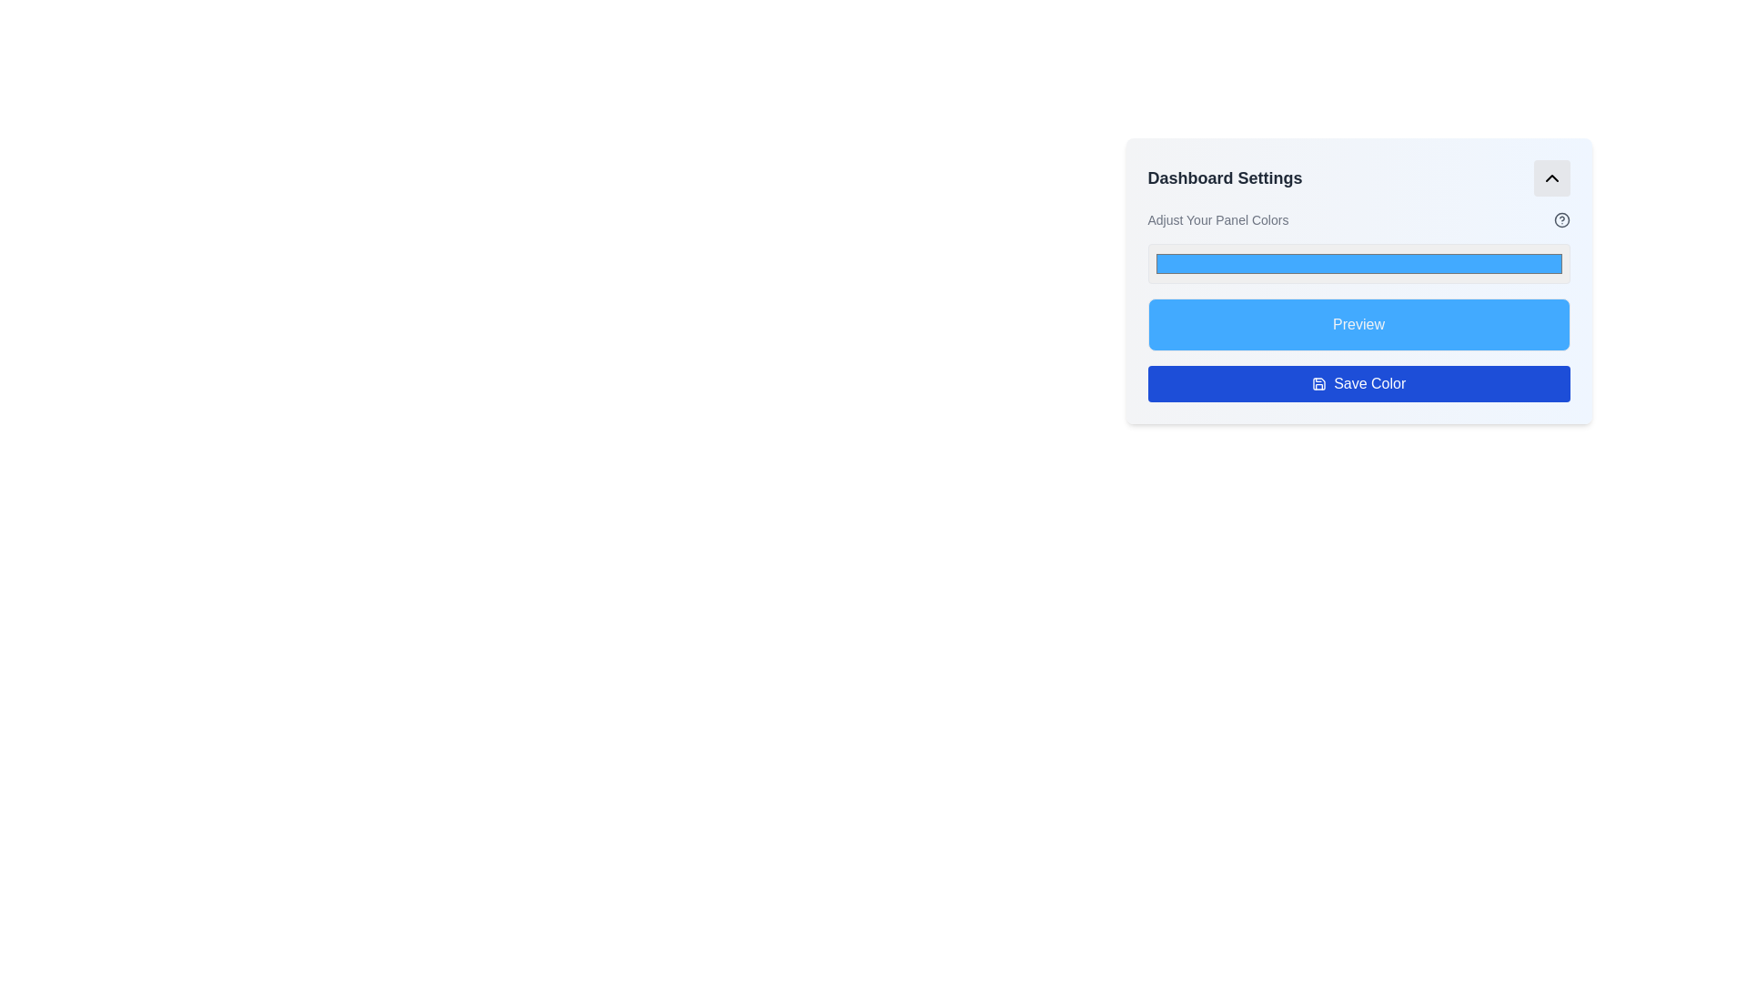  Describe the element at coordinates (1358, 324) in the screenshot. I see `the 'Preview' button, which is a rectangular button with a blue background and rounded corners, located in the middle section of the 'Dashboard Settings' widget` at that location.